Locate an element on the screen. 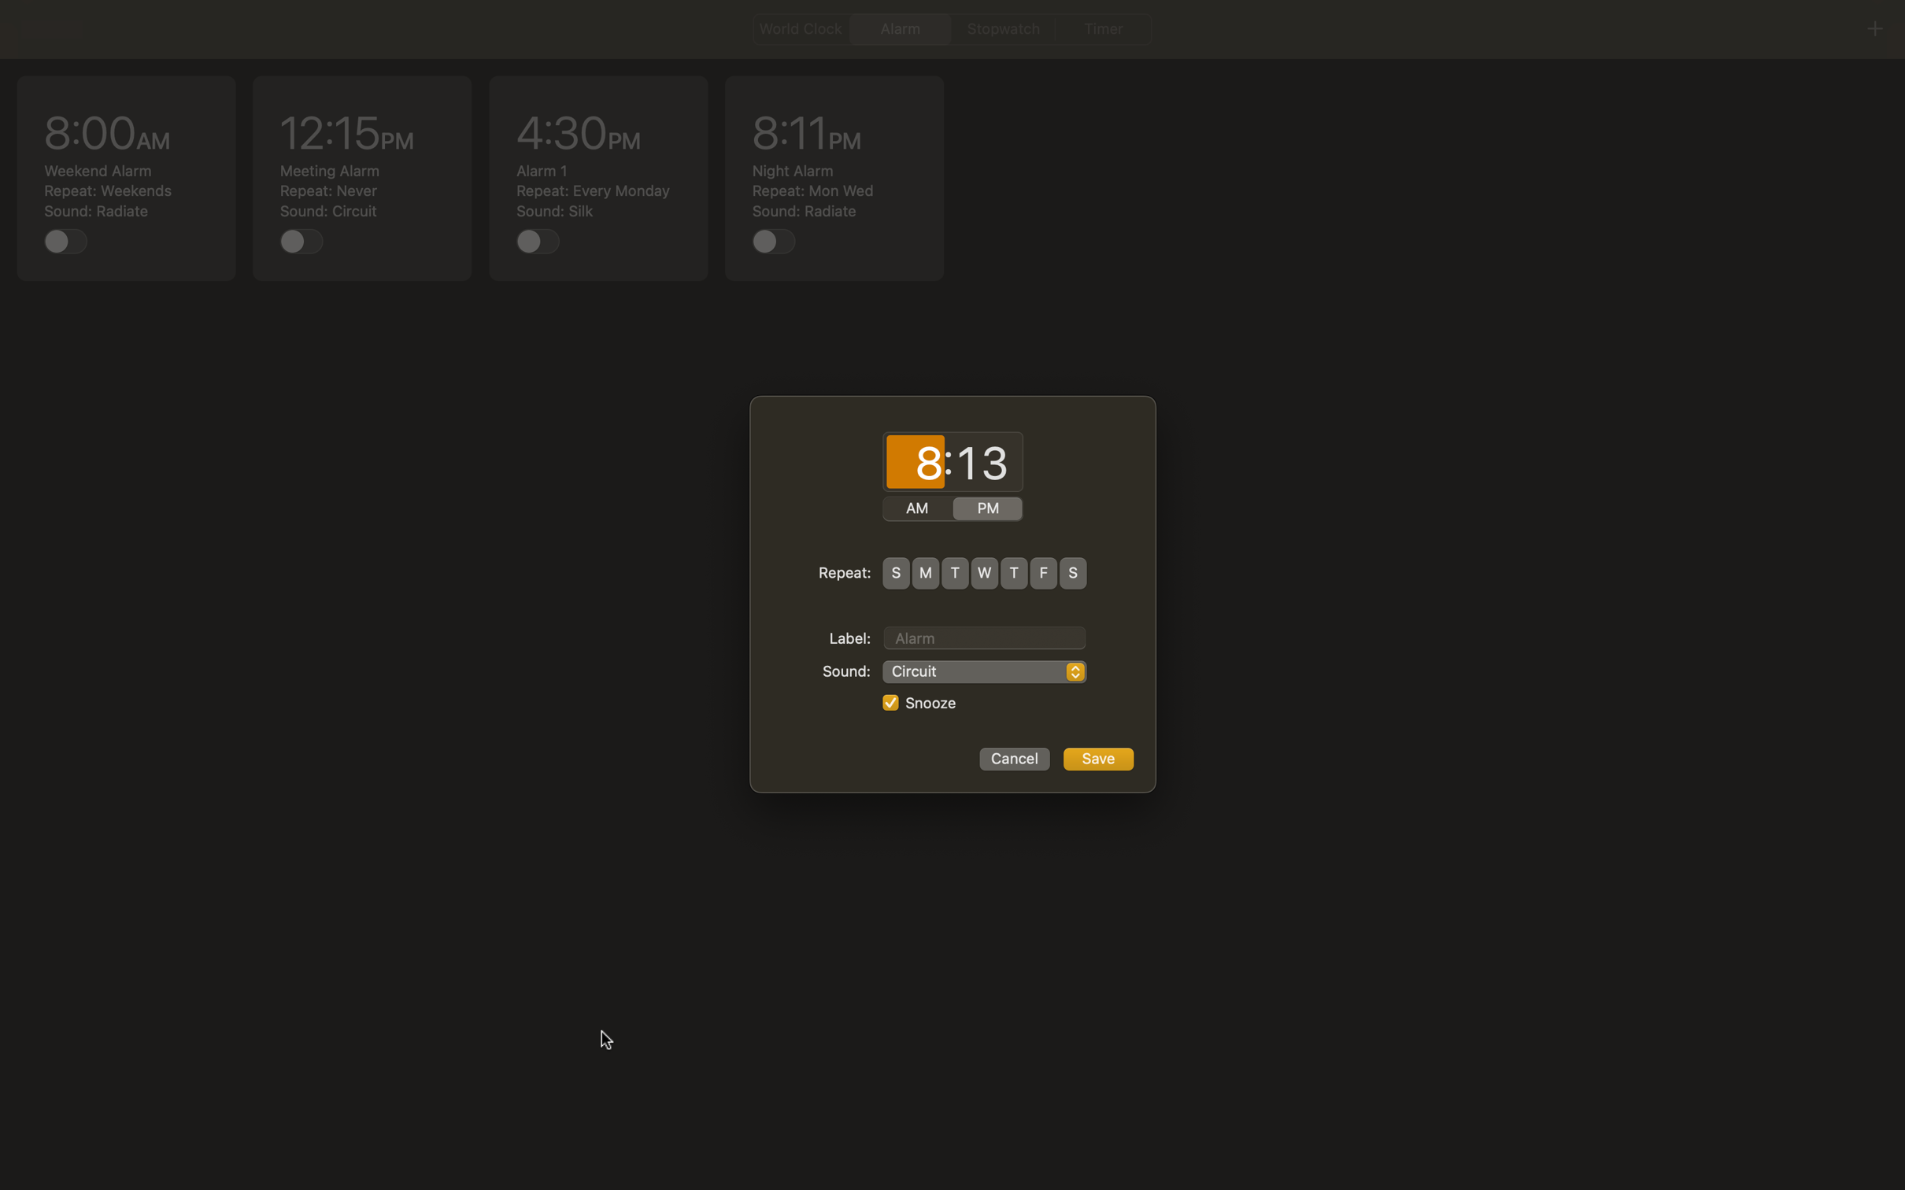  "Rock Music" in the sound settings is located at coordinates (984, 671).